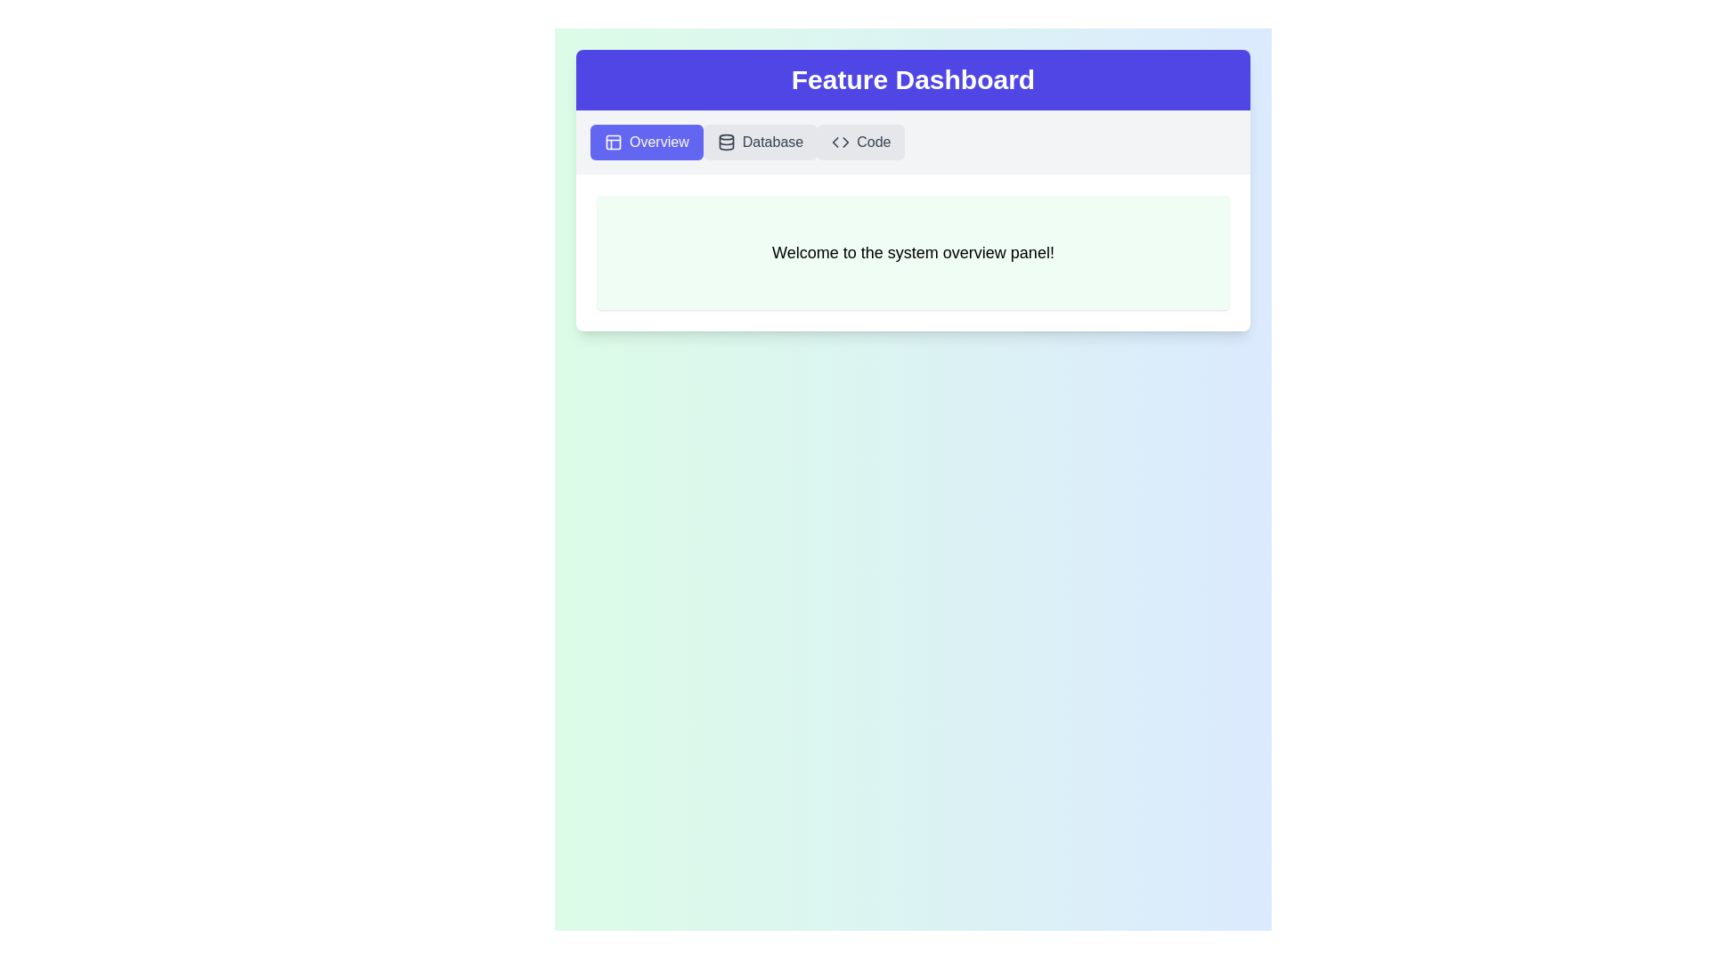 This screenshot has height=962, width=1710. I want to click on the left-pointing arrow shape in the SVG graphic, so click(834, 141).